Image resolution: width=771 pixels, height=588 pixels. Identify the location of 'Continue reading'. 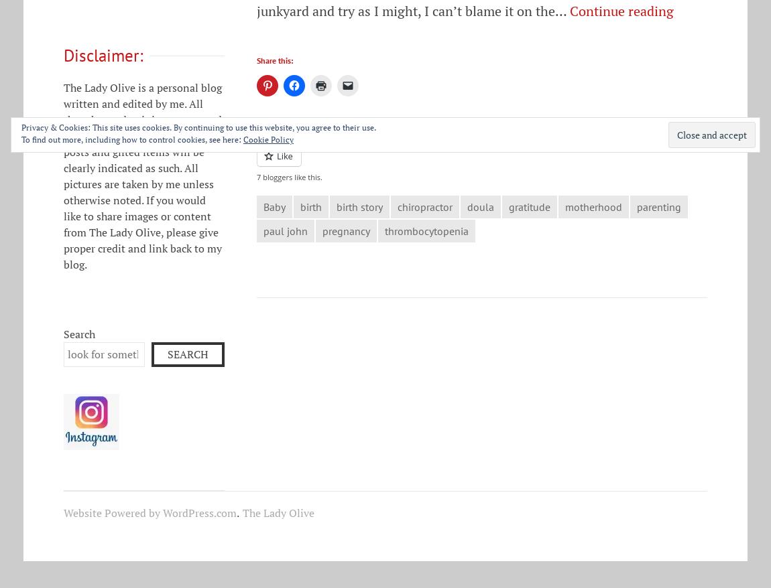
(621, 9).